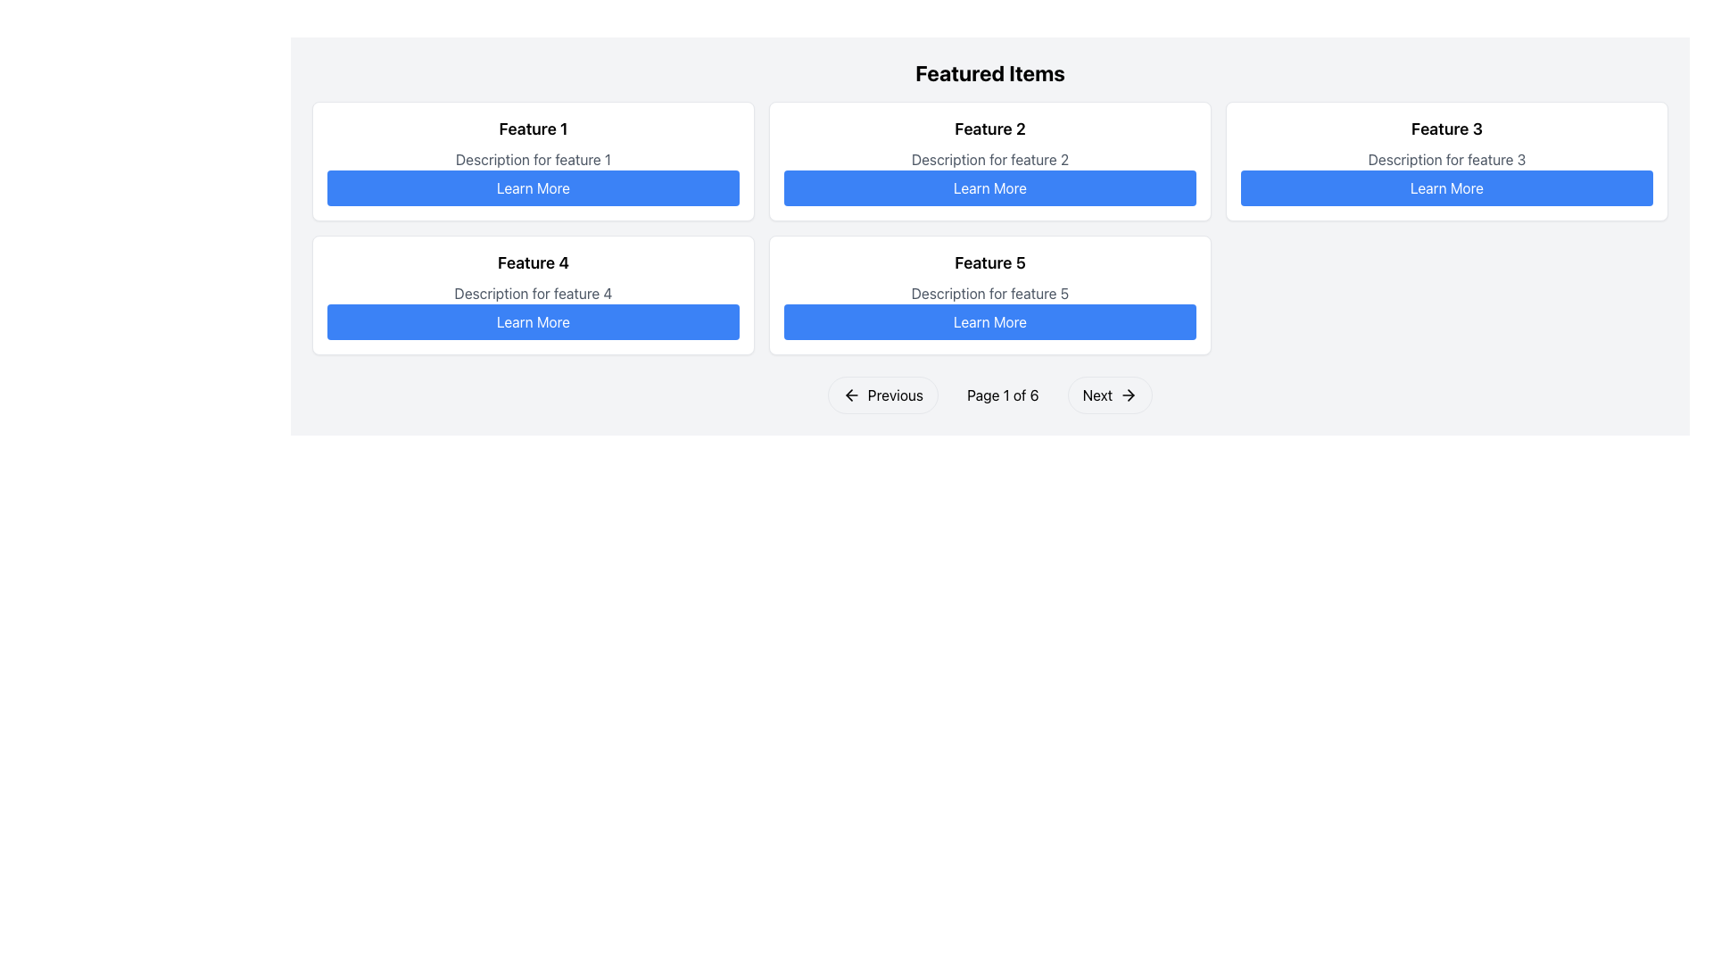 Image resolution: width=1713 pixels, height=964 pixels. What do you see at coordinates (989, 322) in the screenshot?
I see `the 'Learn More' button, which is a vibrant blue rounded rectangular button located at the bottom of the card labeled 'Feature 5'` at bounding box center [989, 322].